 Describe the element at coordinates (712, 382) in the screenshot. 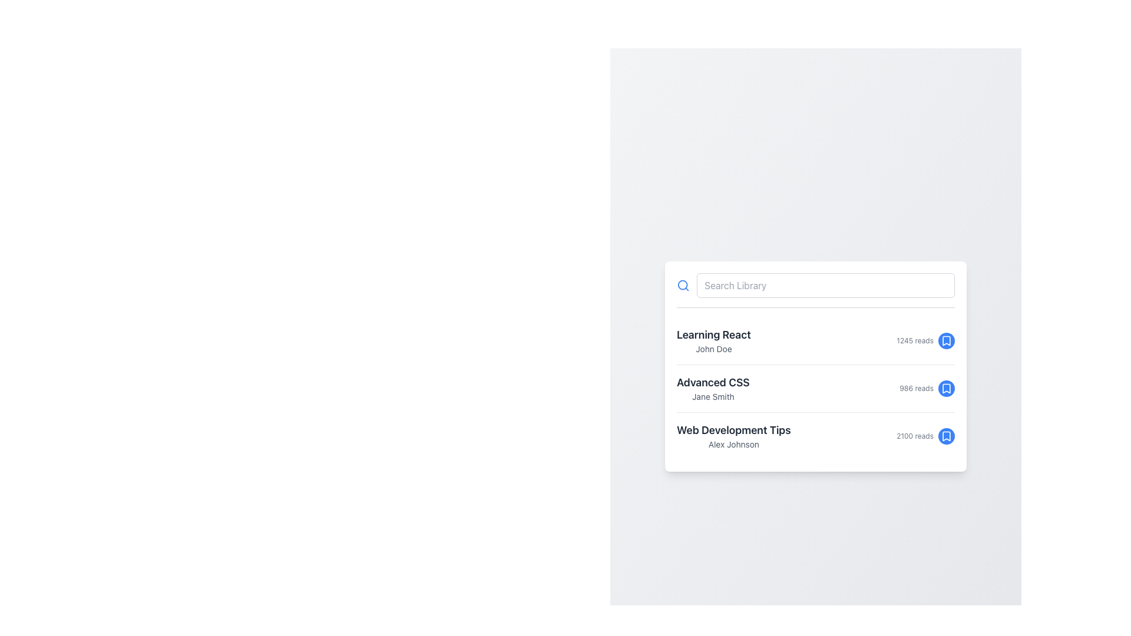

I see `the 'Advanced CSS' text label` at that location.